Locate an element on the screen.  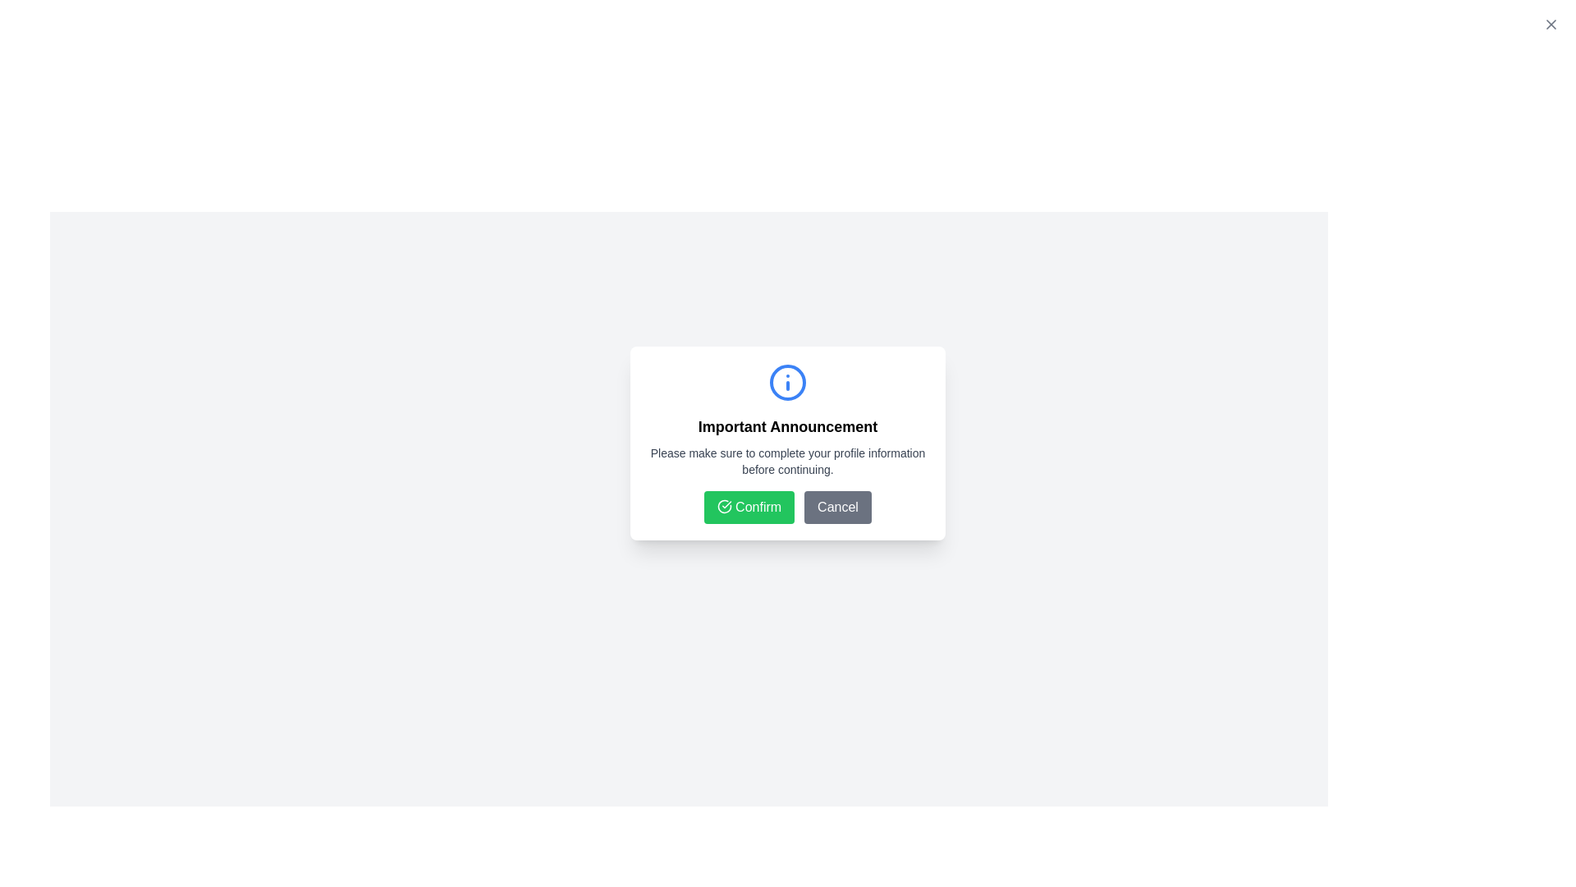
the informational static text that instructs the user to complete their profile information, located below the 'Important Announcement' title in the modal dialog is located at coordinates (788, 462).